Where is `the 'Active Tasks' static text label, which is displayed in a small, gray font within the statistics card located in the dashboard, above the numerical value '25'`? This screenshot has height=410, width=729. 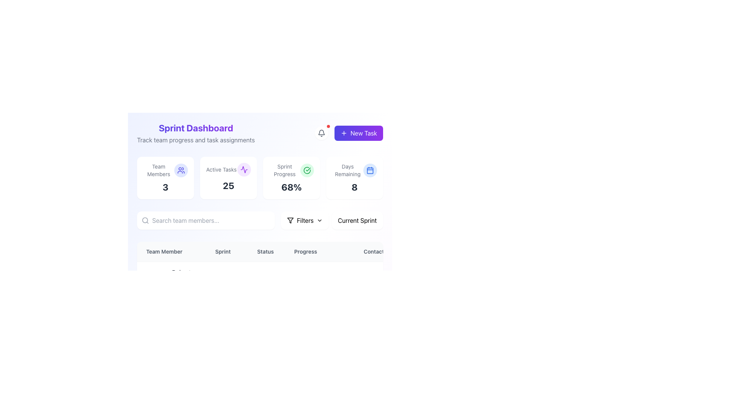
the 'Active Tasks' static text label, which is displayed in a small, gray font within the statistics card located in the dashboard, above the numerical value '25' is located at coordinates (221, 169).